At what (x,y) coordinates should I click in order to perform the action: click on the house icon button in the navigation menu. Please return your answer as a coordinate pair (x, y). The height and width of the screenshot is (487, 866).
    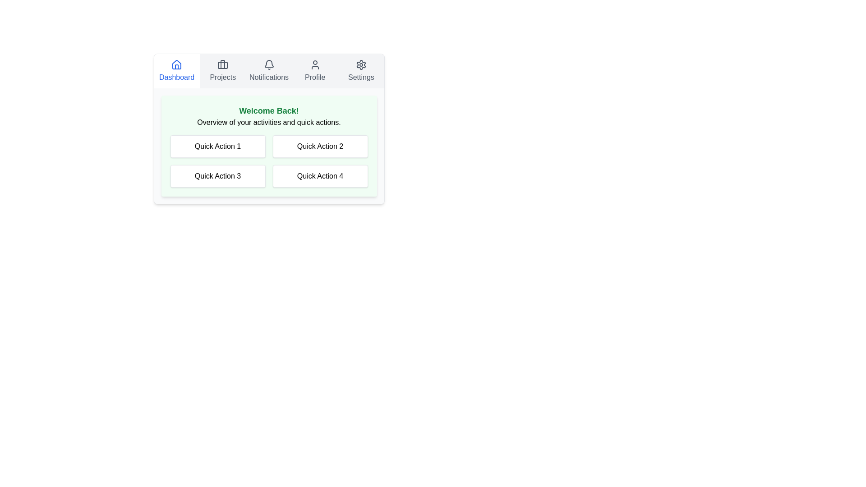
    Looking at the image, I should click on (177, 64).